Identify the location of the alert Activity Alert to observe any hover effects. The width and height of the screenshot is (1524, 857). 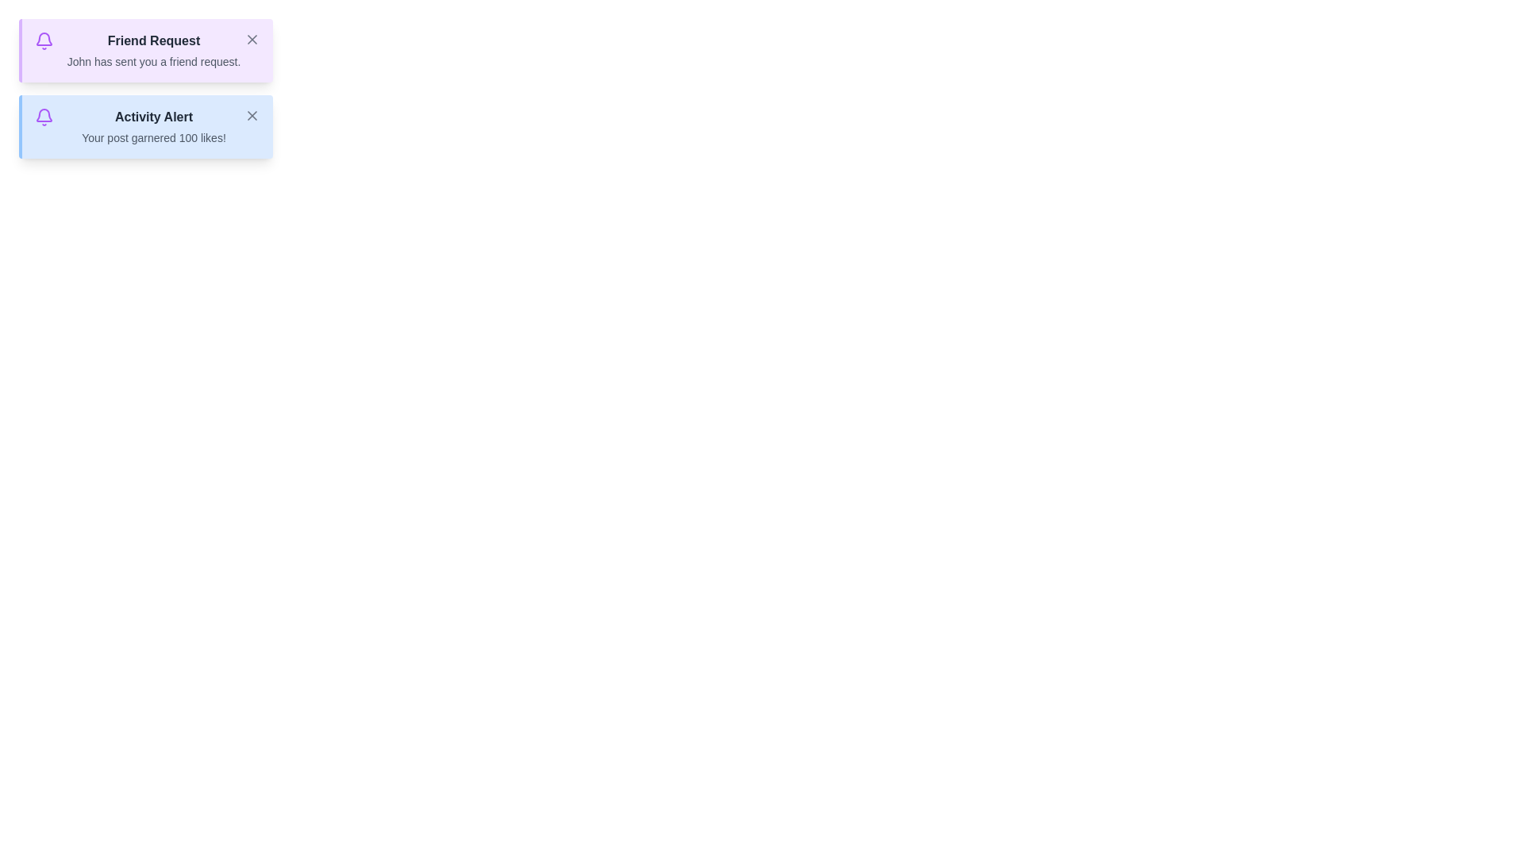
(145, 125).